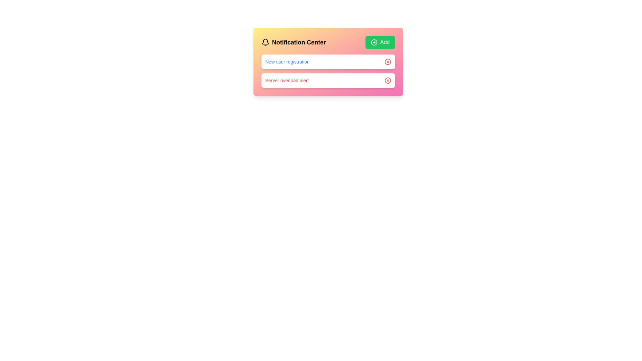 The image size is (642, 361). I want to click on the static text label that displays a server overload alert, located in the notification card below the 'New user registration' label, so click(287, 80).